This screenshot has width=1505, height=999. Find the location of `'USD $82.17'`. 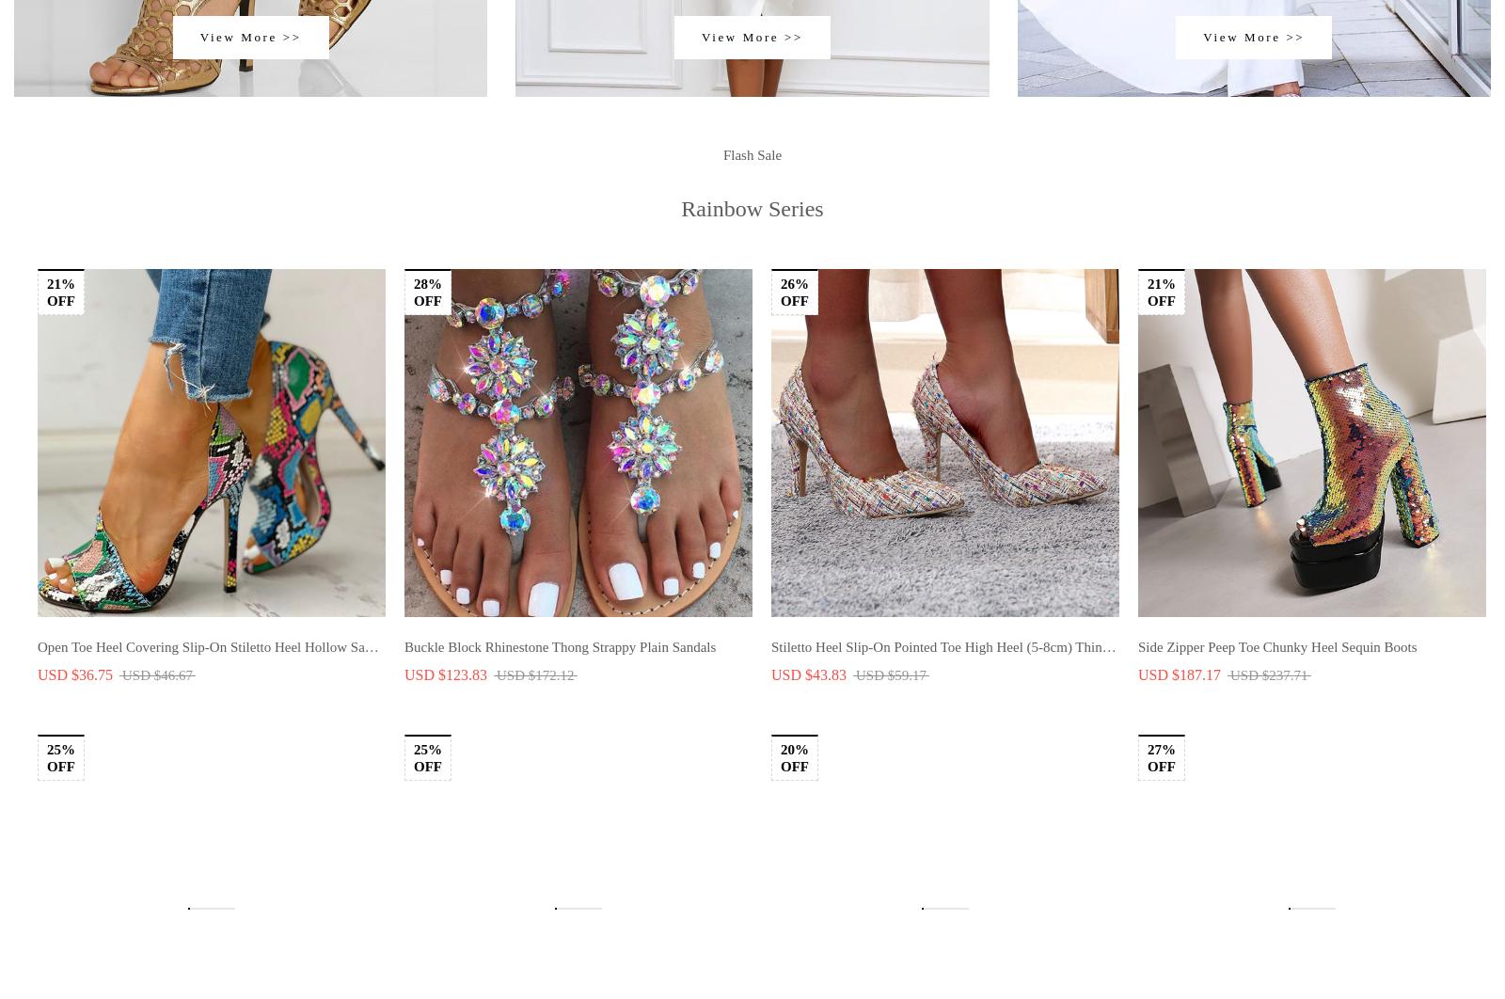

'USD $82.17' is located at coordinates (440, 270).